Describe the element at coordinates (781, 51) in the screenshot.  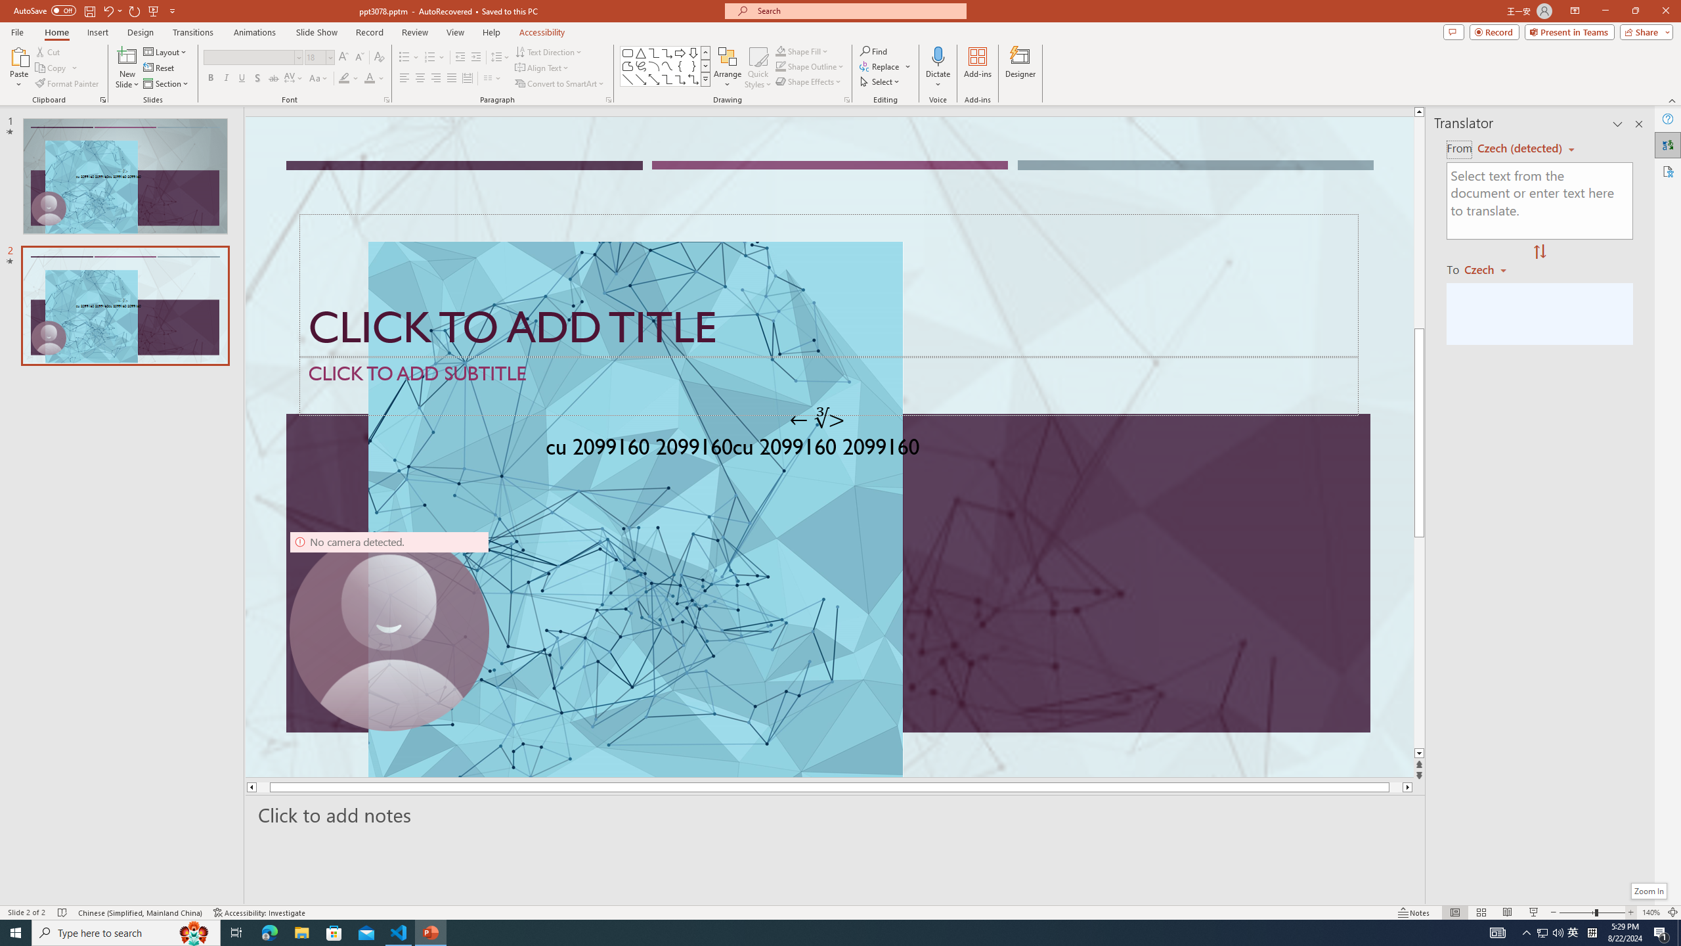
I see `'Shape Fill Dark Green, Accent 2'` at that location.